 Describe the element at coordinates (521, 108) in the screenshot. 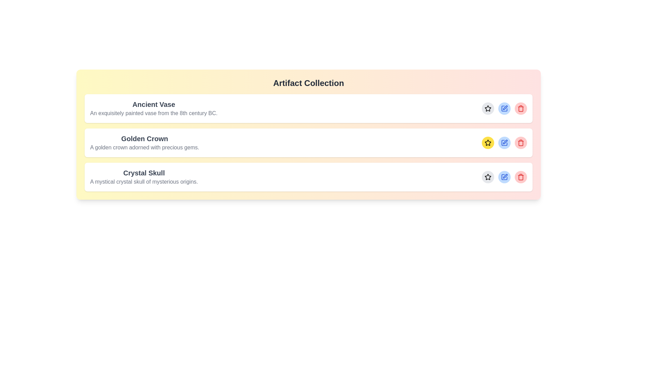

I see `trash button to remove the artifact named Ancient Vase` at that location.